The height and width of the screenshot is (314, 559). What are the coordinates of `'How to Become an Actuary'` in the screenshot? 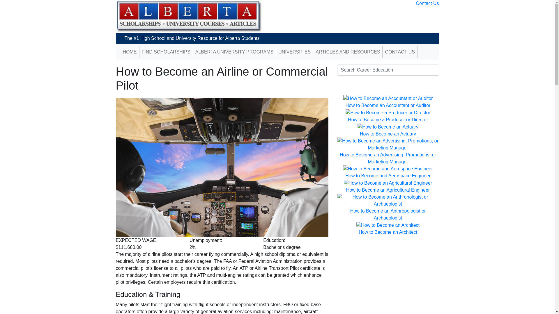 It's located at (388, 134).